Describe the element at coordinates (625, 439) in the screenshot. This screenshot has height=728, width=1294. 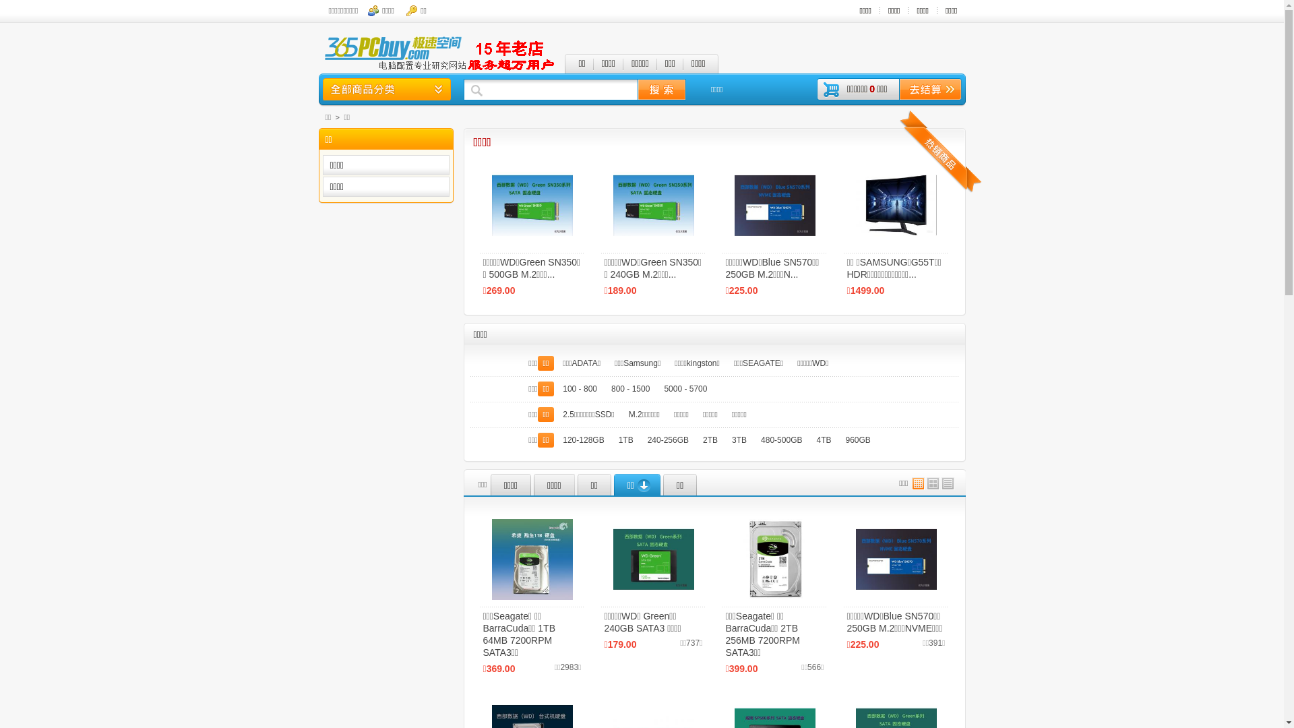
I see `'1TB'` at that location.